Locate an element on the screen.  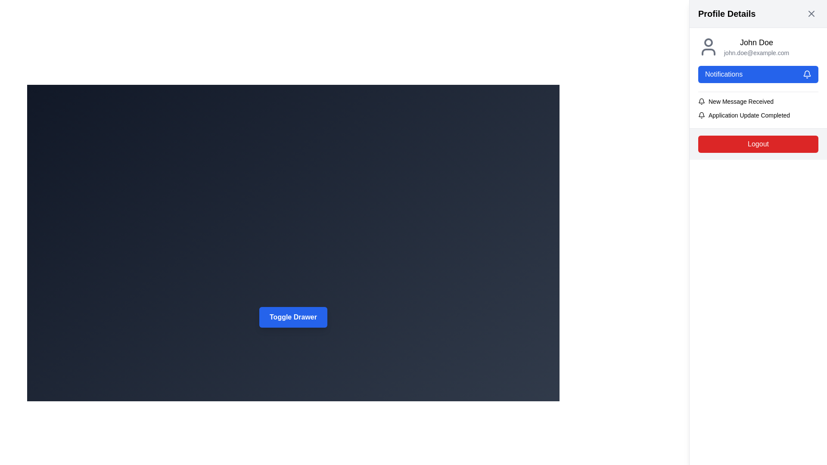
the prominent text label displaying 'John Doe' in large, bold font located at the top of the 'Profile Details' section on the right-hand side of the interface is located at coordinates (756, 43).